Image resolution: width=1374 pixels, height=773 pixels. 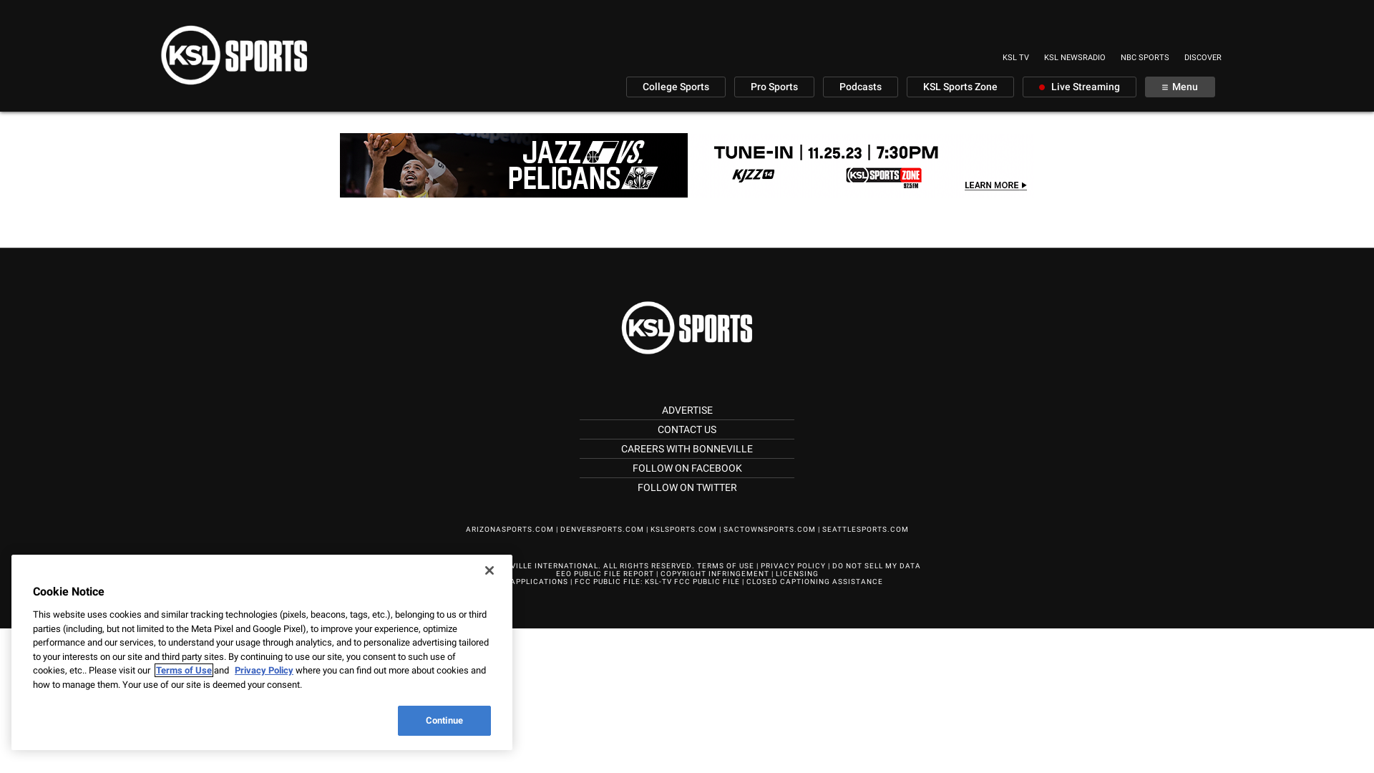 What do you see at coordinates (832, 565) in the screenshot?
I see `'DO NOT SELL MY DATA'` at bounding box center [832, 565].